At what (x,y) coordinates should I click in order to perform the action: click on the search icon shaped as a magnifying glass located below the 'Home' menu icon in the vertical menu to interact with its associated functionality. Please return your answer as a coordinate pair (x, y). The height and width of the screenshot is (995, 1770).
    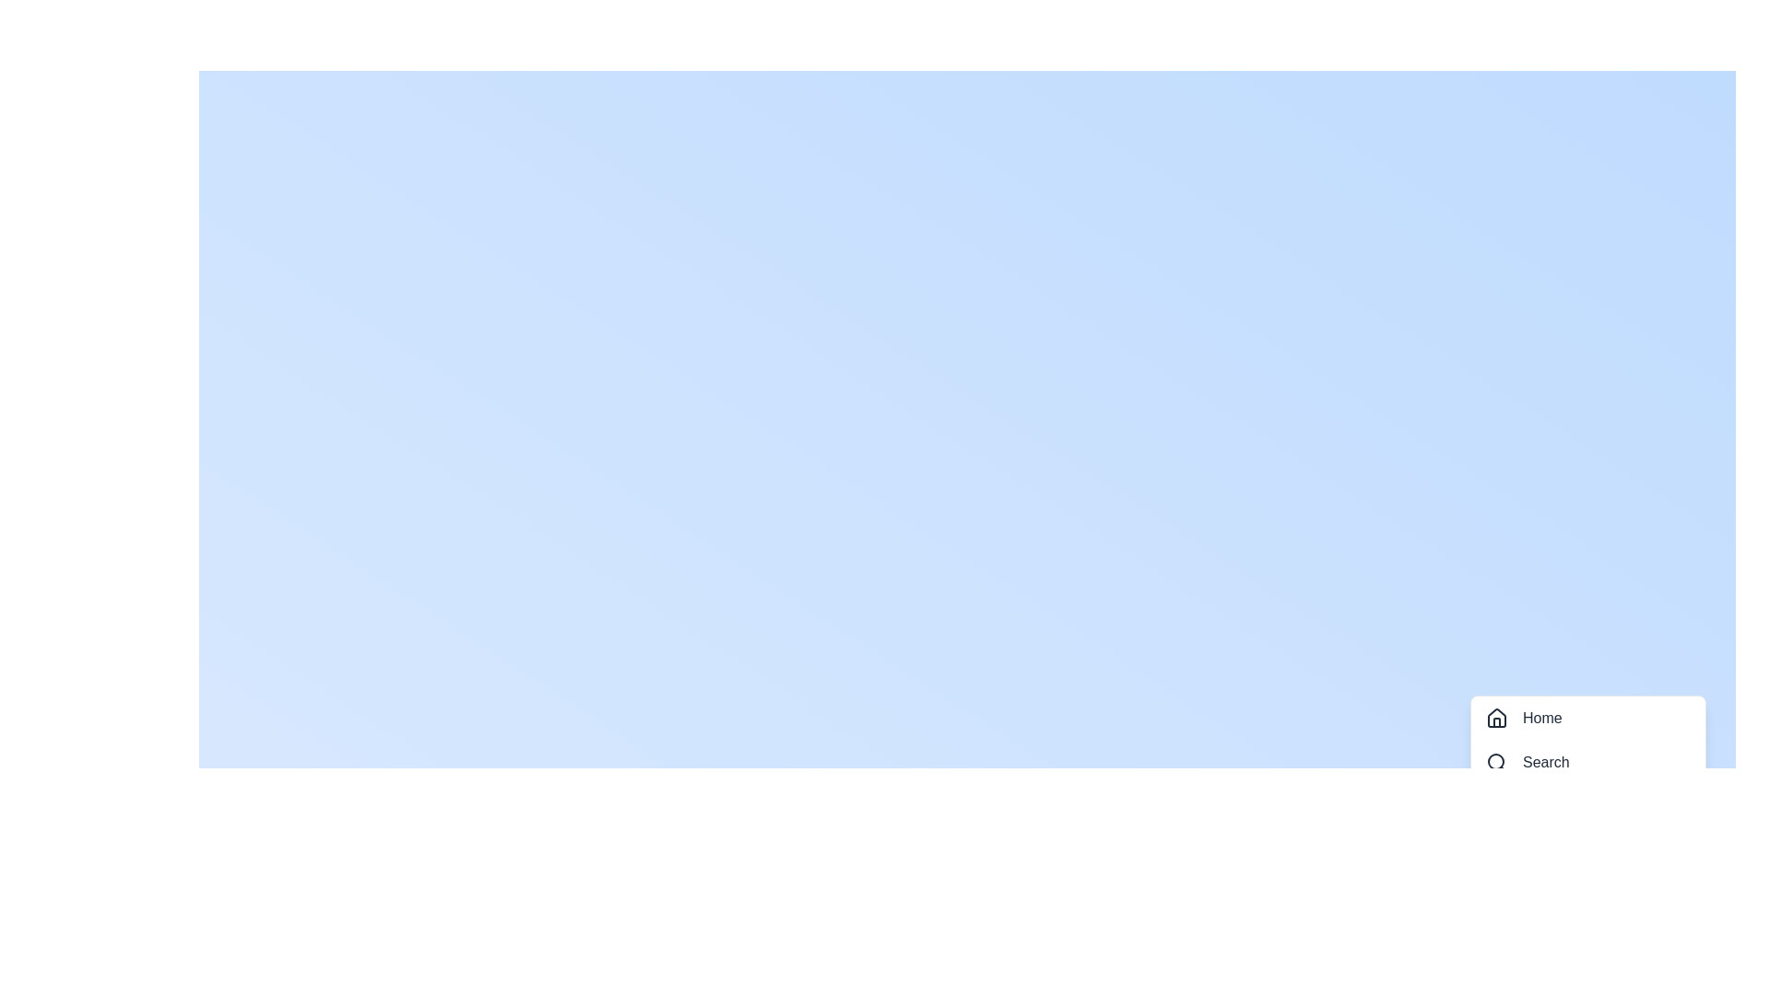
    Looking at the image, I should click on (1496, 763).